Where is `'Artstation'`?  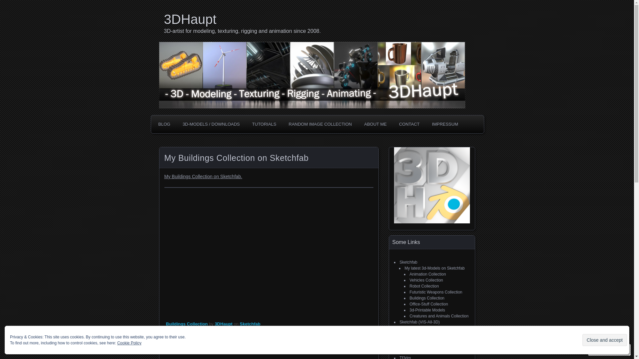
'Artstation' is located at coordinates (407, 352).